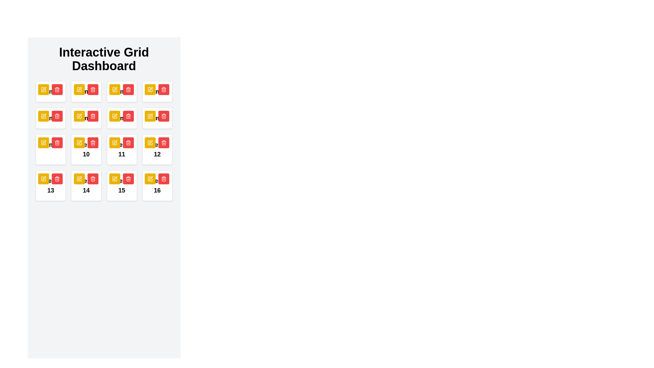 The width and height of the screenshot is (654, 368). What do you see at coordinates (163, 89) in the screenshot?
I see `the red trash can button with a rounded rectangular shape located in the first row and fourth column of the card` at bounding box center [163, 89].